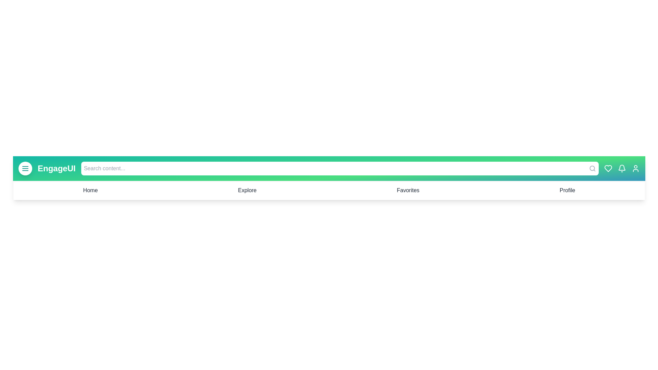  Describe the element at coordinates (622, 169) in the screenshot. I see `the bell icon to view notifications` at that location.